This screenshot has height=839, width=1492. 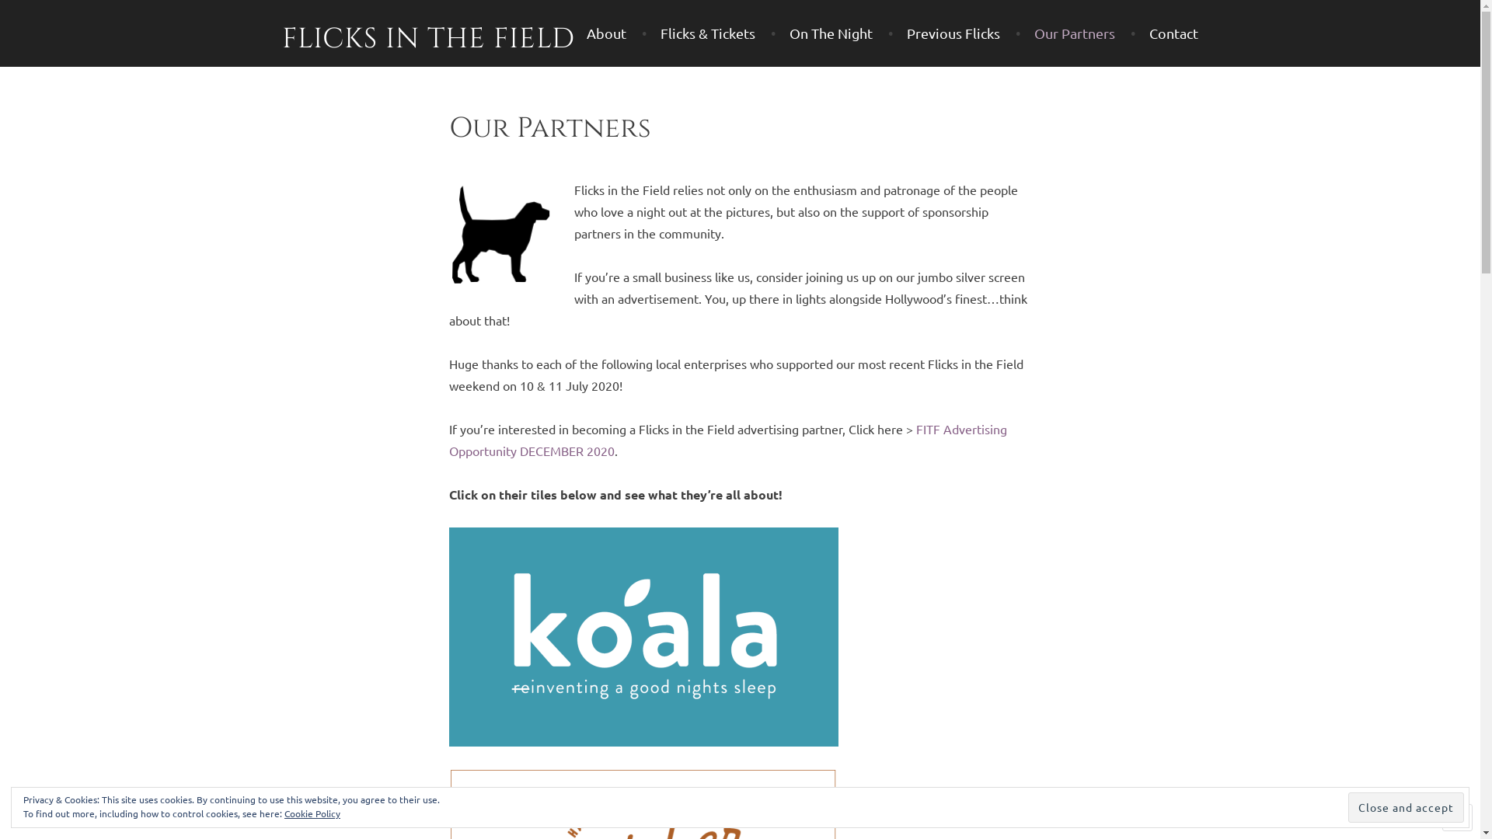 I want to click on 'Close and accept', so click(x=1347, y=806).